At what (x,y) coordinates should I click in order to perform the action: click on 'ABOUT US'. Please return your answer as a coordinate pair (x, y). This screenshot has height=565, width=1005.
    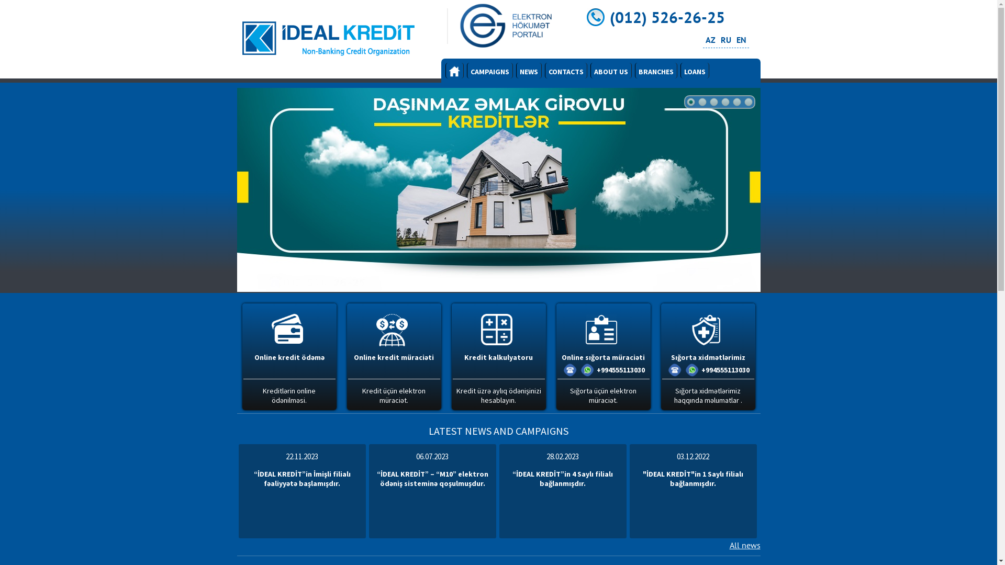
    Looking at the image, I should click on (611, 71).